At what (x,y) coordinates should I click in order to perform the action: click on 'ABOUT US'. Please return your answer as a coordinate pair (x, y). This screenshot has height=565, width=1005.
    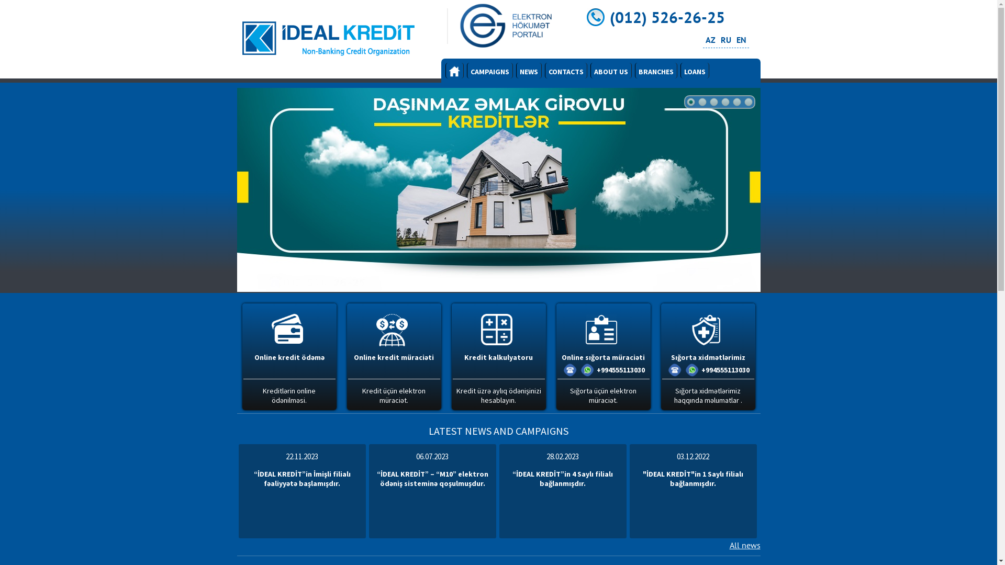
    Looking at the image, I should click on (611, 71).